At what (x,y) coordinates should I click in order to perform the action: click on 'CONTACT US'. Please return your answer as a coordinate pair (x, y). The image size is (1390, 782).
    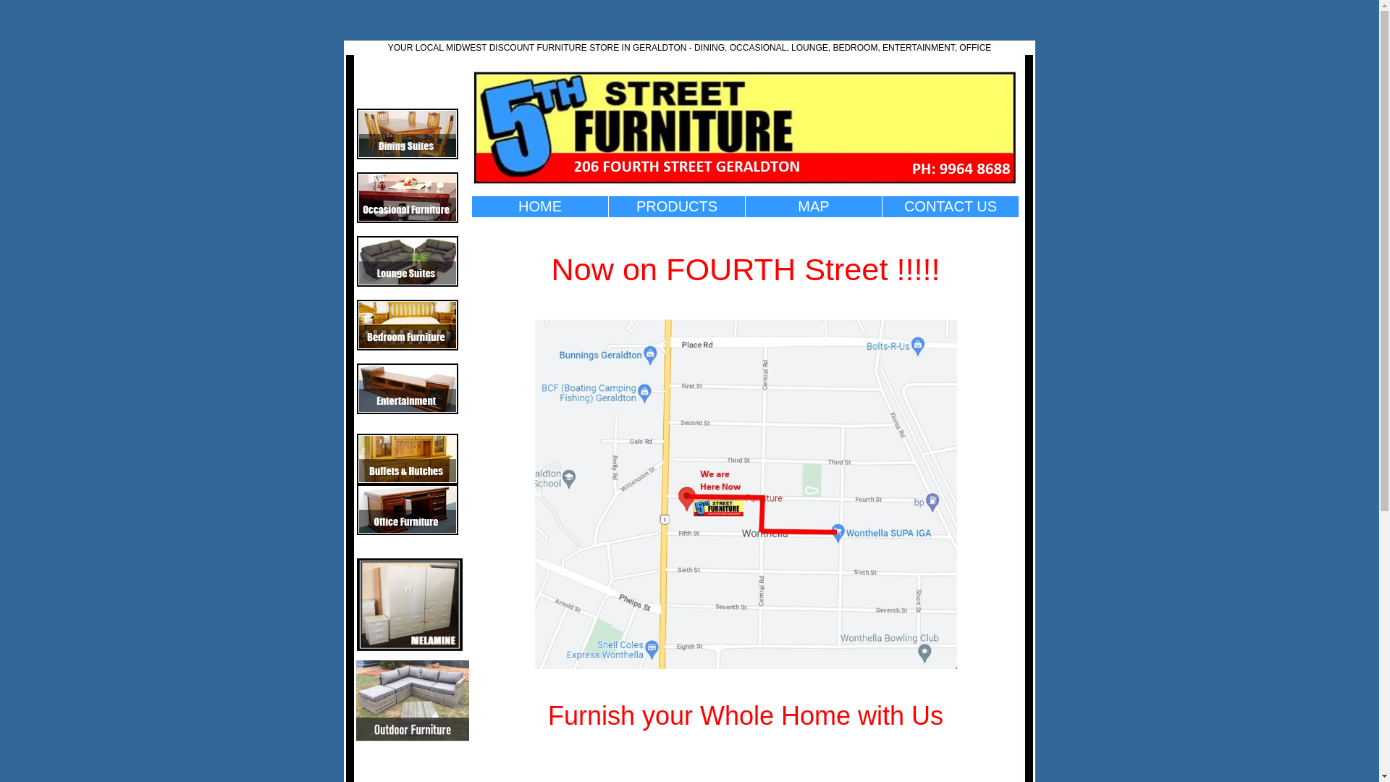
    Looking at the image, I should click on (951, 206).